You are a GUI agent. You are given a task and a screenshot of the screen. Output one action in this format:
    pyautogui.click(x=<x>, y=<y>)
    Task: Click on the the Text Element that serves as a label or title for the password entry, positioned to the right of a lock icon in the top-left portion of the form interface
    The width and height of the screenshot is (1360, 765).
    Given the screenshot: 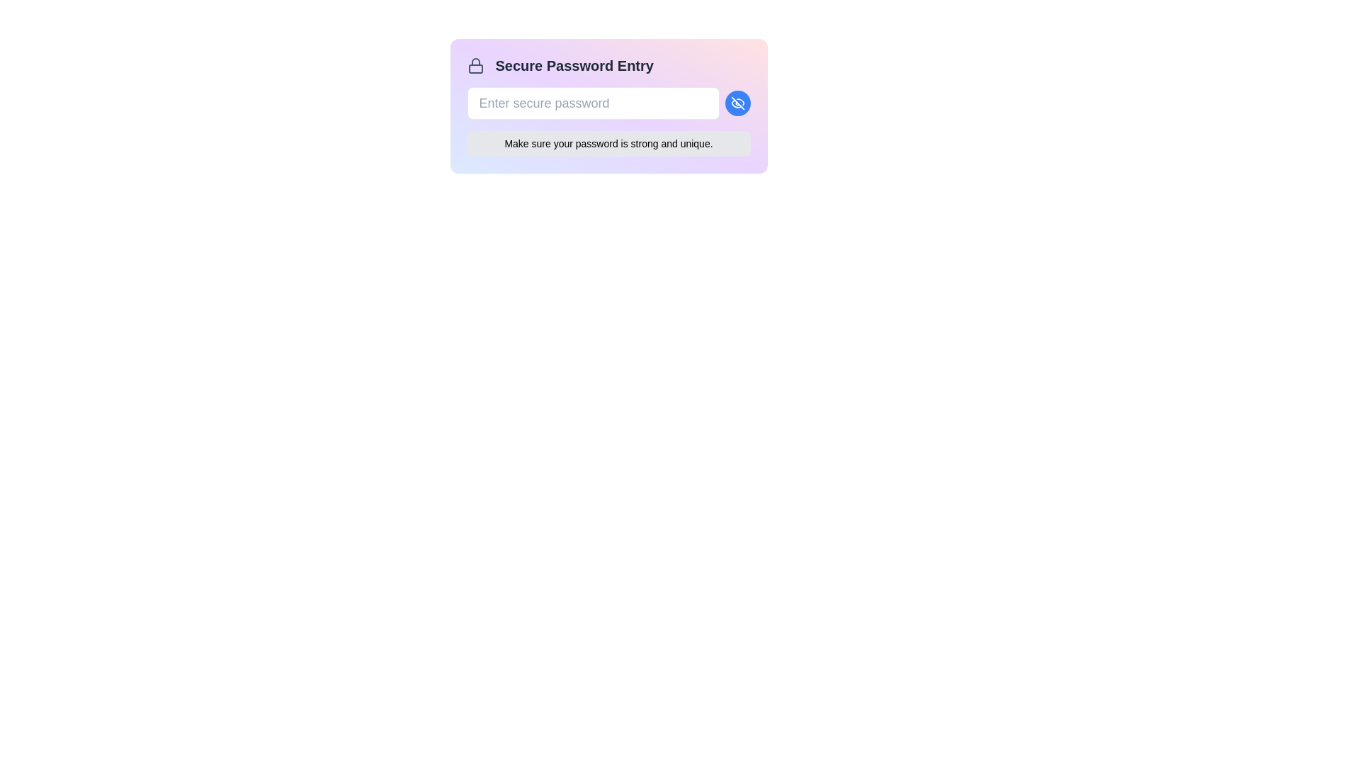 What is the action you would take?
    pyautogui.click(x=574, y=65)
    